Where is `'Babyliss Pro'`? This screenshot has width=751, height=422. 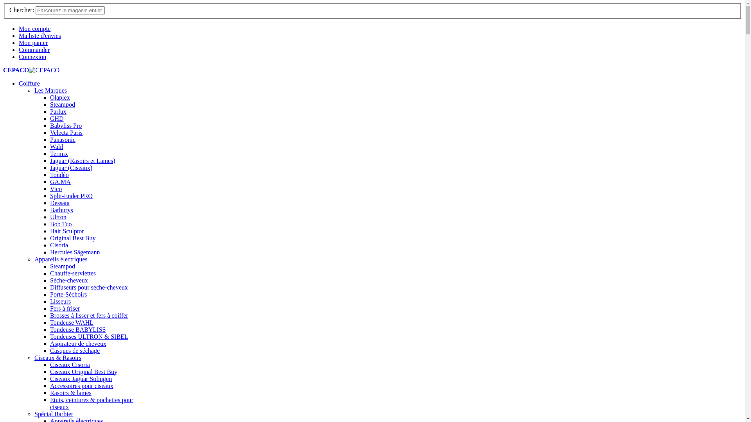
'Babyliss Pro' is located at coordinates (66, 125).